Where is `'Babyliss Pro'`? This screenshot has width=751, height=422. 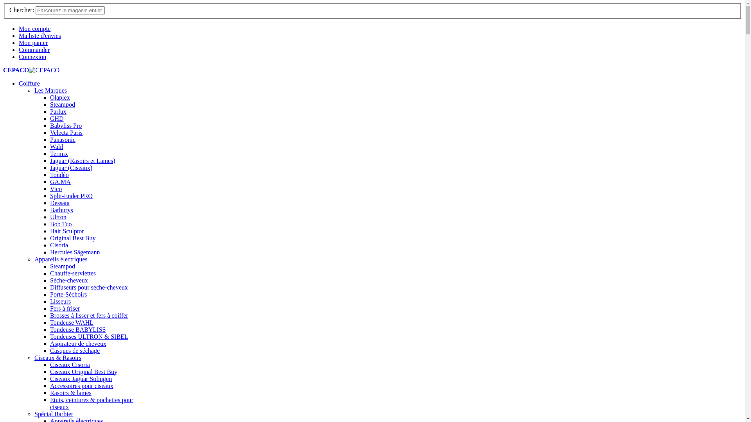
'Babyliss Pro' is located at coordinates (66, 125).